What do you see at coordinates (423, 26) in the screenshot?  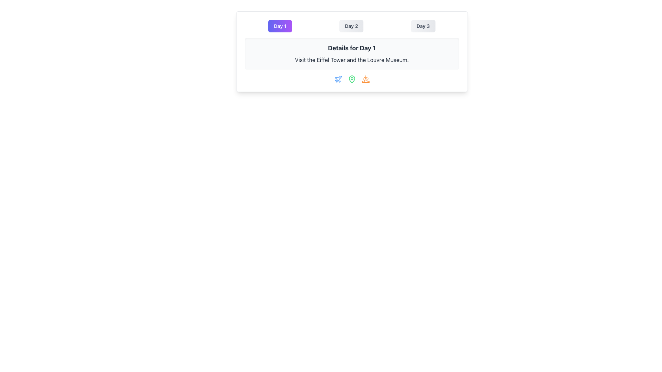 I see `the 'Day 3' button, which is the third button in a horizontal arrangement of buttons labeled 'Day 1', 'Day 2', and 'Day 3', located at the right end of the group` at bounding box center [423, 26].